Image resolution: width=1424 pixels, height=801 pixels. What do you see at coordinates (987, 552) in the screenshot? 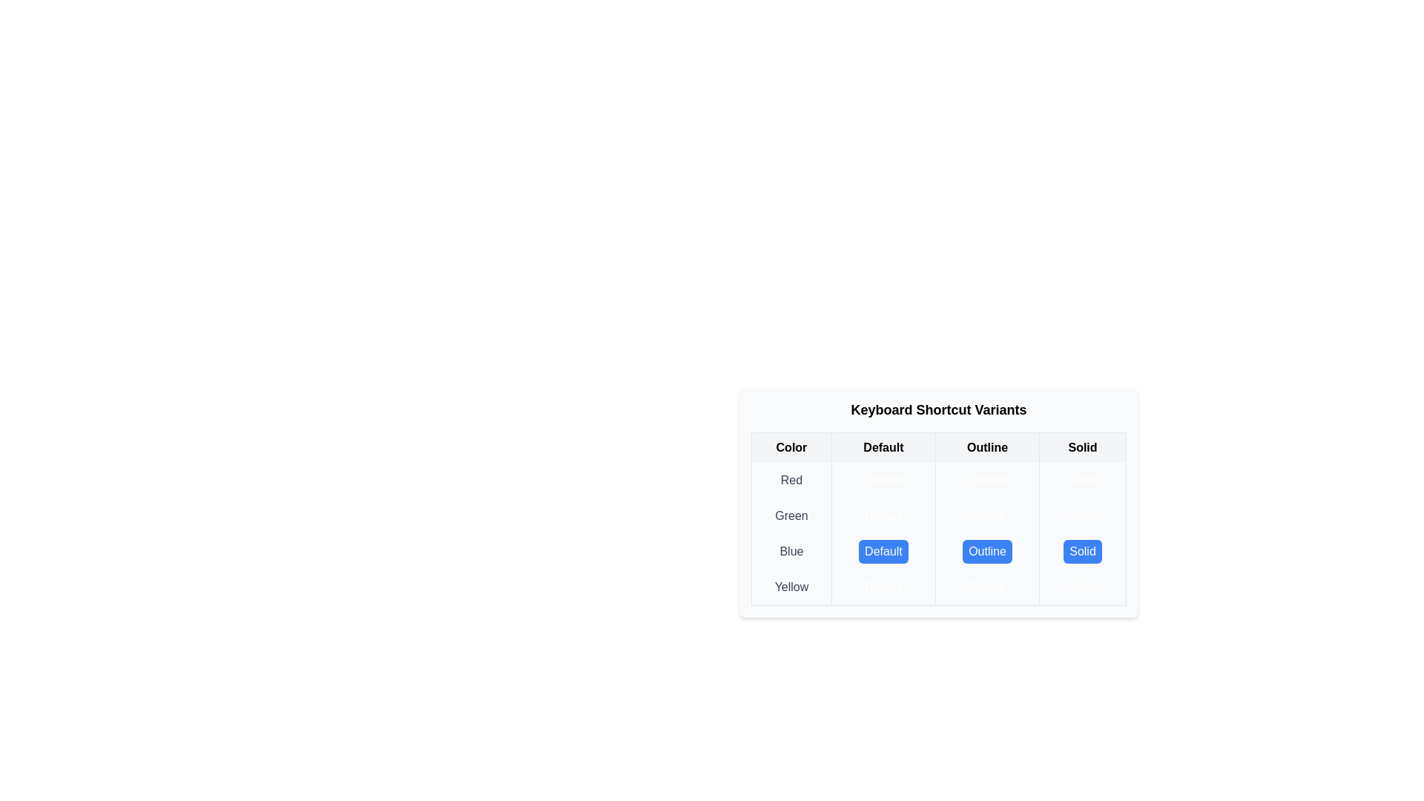
I see `the 'Outline' button in the 'Blue' color category` at bounding box center [987, 552].